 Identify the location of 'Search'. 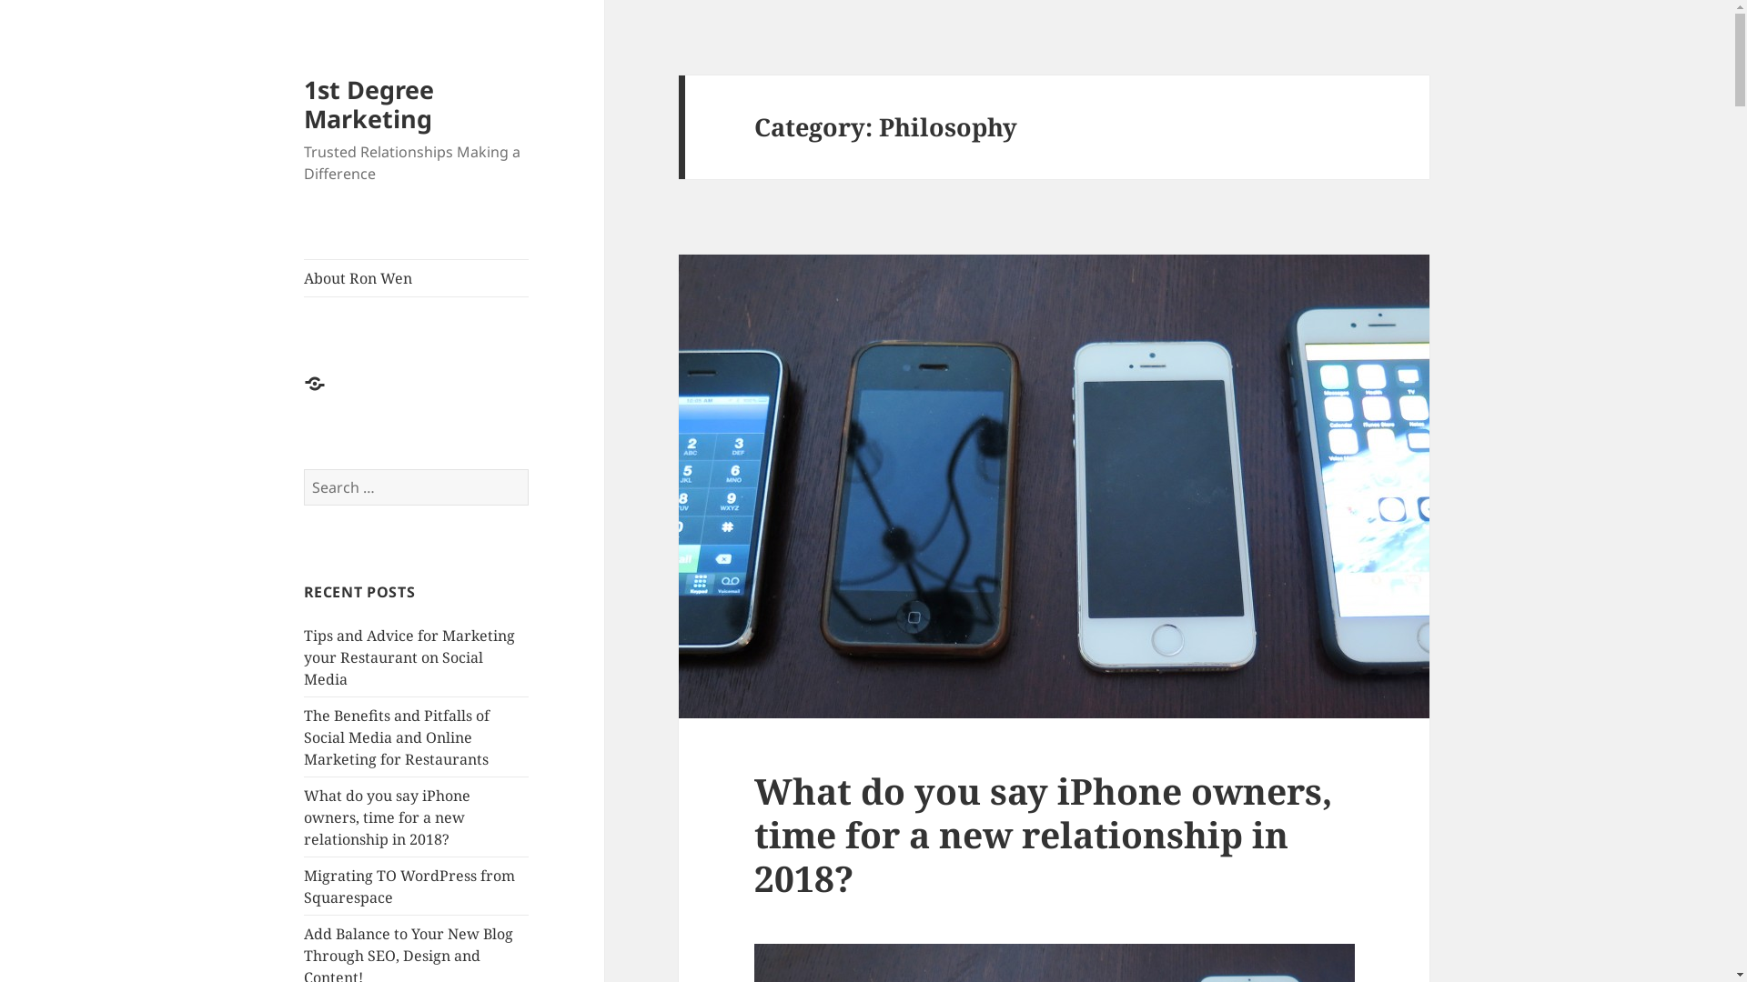
(528, 468).